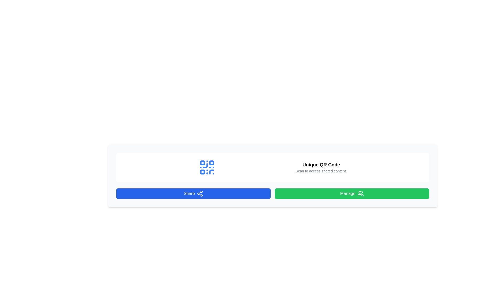  I want to click on the small blue square with rounded corners that is part of the QR code design, located in the top-left corner of the QR code graphic, so click(202, 162).